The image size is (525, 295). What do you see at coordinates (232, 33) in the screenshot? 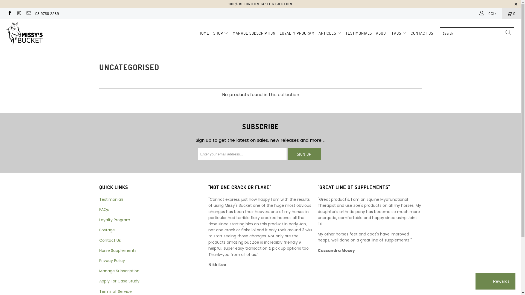
I see `'MANAGE SUBSCRIPTION'` at bounding box center [232, 33].